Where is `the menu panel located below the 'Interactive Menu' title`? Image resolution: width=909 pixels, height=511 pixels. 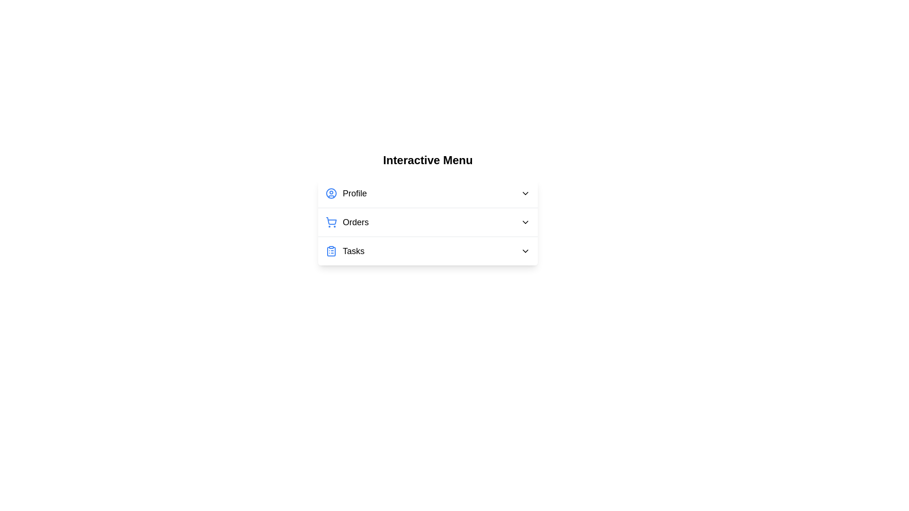 the menu panel located below the 'Interactive Menu' title is located at coordinates (427, 209).